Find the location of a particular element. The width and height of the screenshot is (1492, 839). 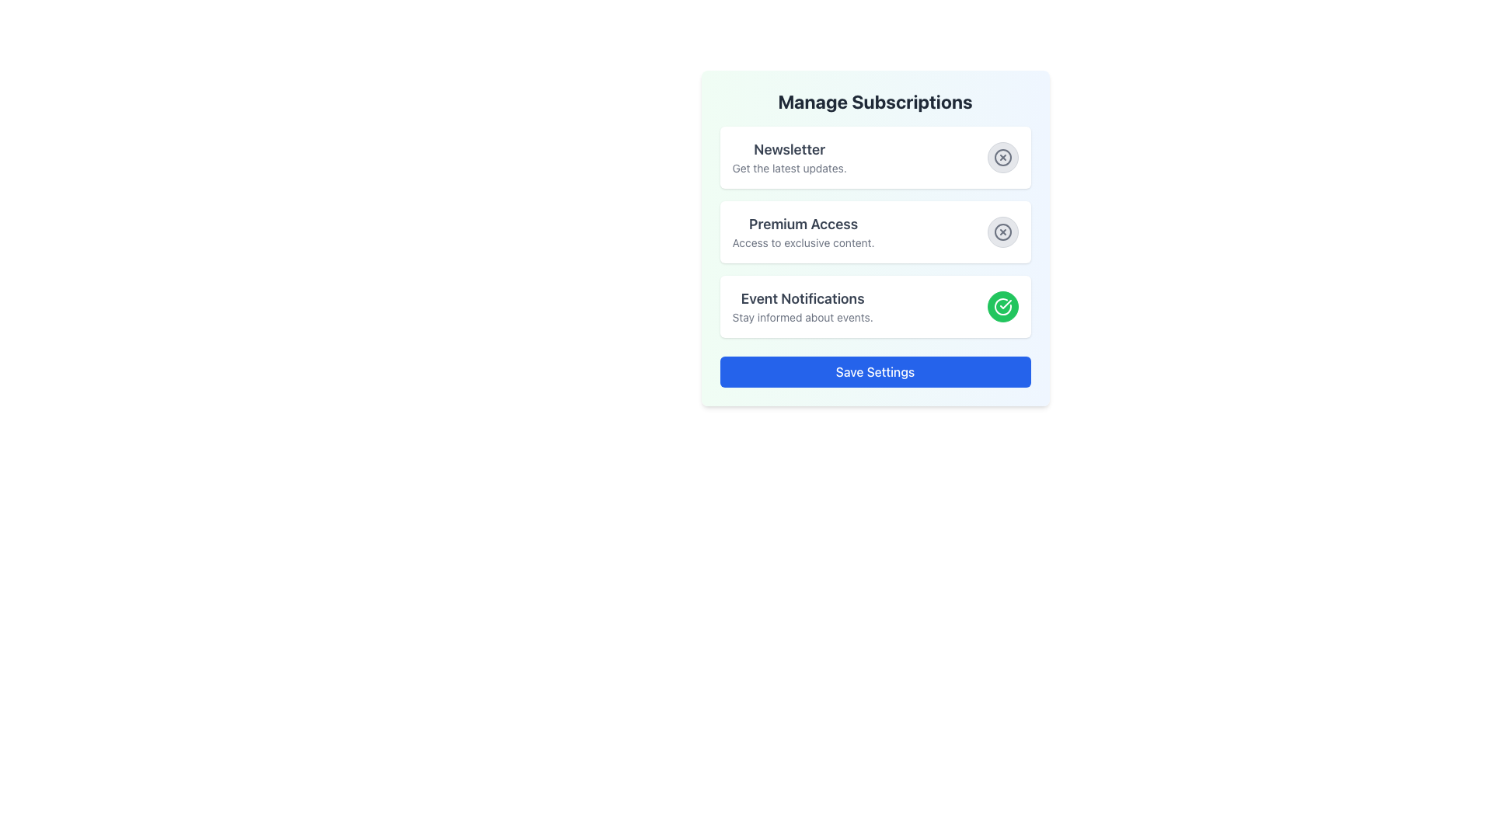

the heading text label for the 'Newsletter' subscription option, which is located above the text 'Get the latest updates.' in the top portion of the center panel is located at coordinates (790, 149).